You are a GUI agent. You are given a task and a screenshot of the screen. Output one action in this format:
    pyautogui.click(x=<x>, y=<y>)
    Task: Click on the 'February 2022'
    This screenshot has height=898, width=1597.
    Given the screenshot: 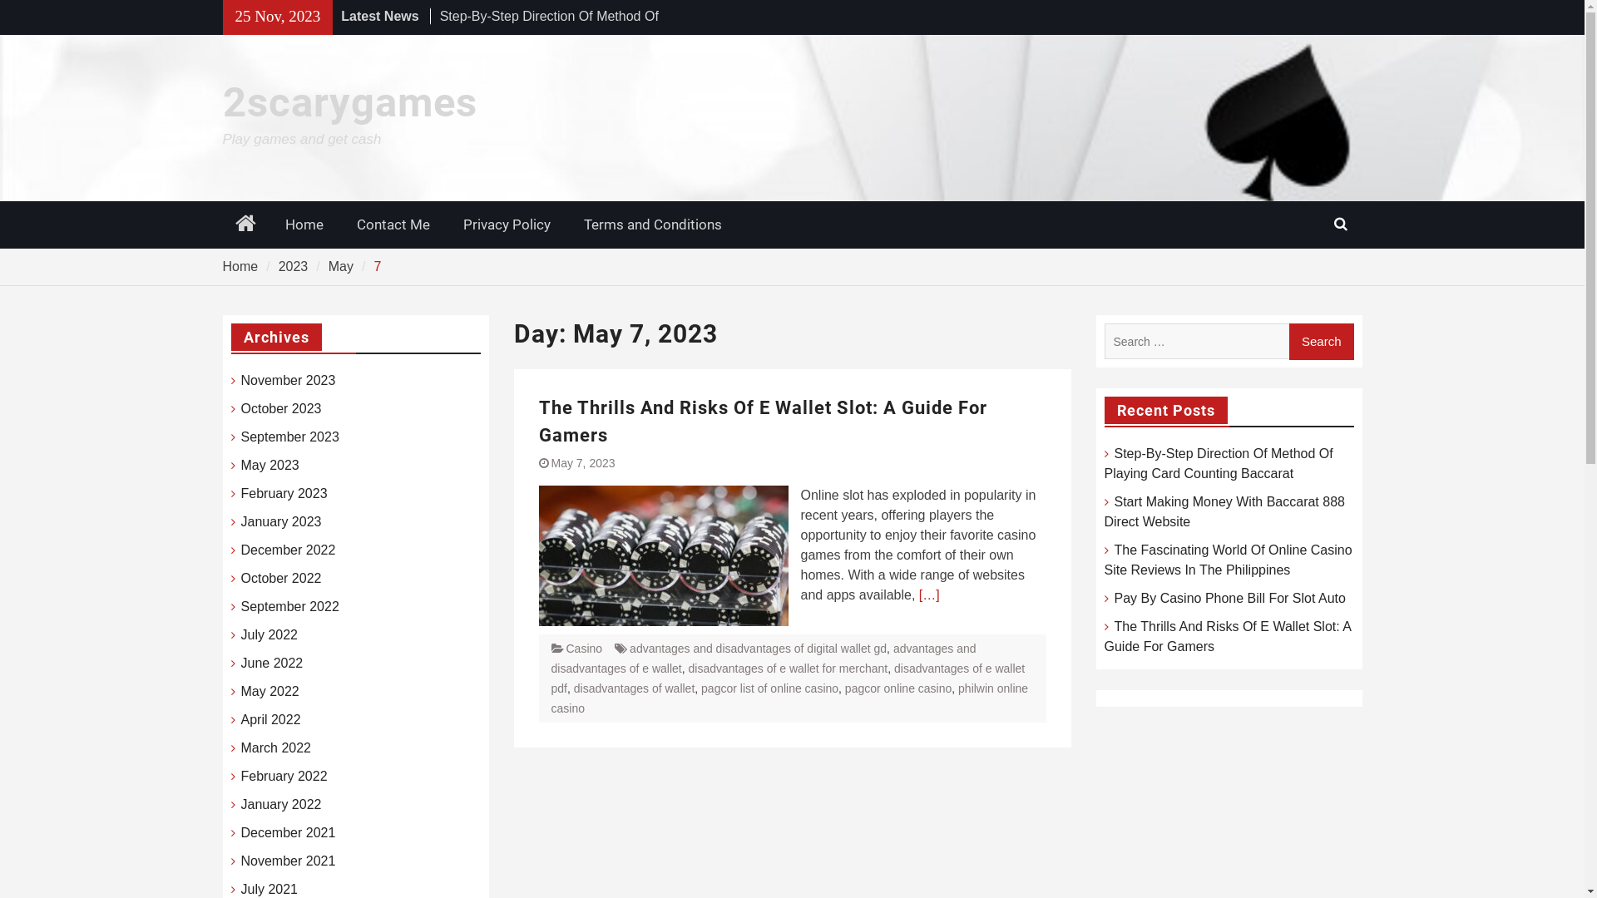 What is the action you would take?
    pyautogui.click(x=284, y=776)
    